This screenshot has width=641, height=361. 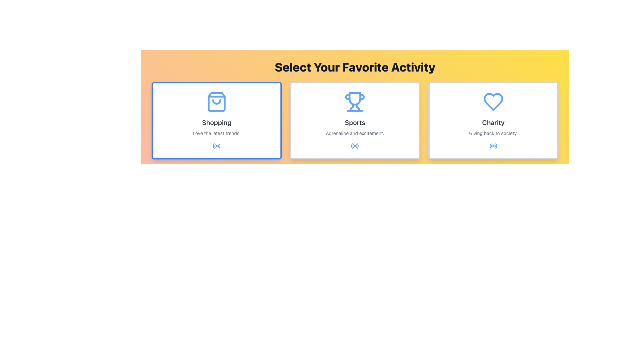 What do you see at coordinates (493, 102) in the screenshot?
I see `the heart-shaped icon representing 'Charity' located at the top-center of its card under the heading 'Select Your Favorite Activity.'` at bounding box center [493, 102].